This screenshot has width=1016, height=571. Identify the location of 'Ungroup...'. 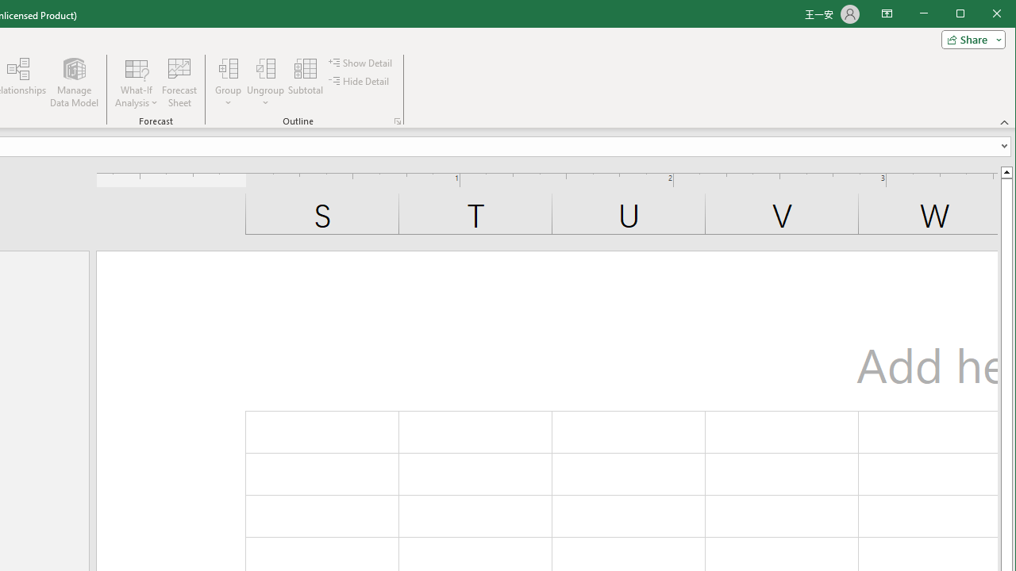
(265, 67).